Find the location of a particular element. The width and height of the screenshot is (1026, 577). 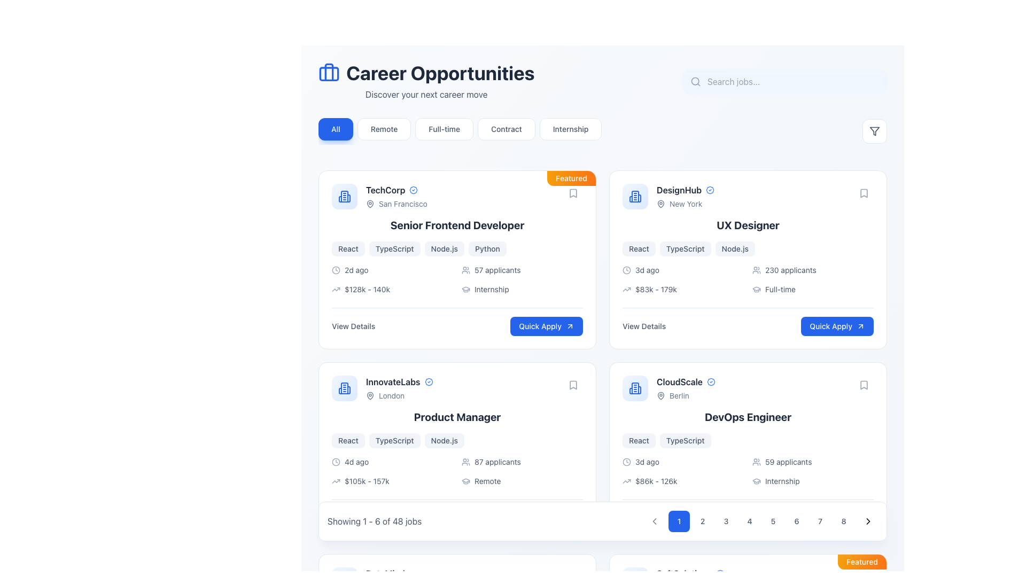

the job posting card for the 'Product Manager' position at InnovateLabs is located at coordinates (457, 451).